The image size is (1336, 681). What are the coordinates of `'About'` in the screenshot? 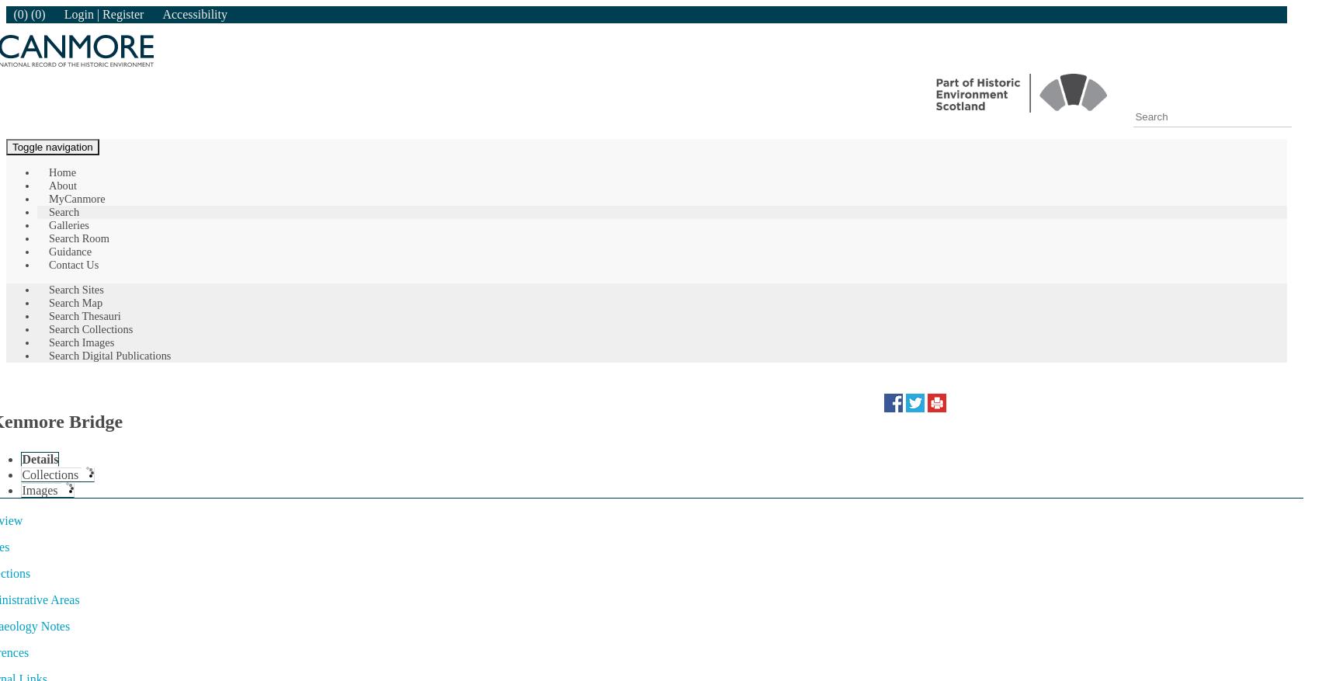 It's located at (62, 184).